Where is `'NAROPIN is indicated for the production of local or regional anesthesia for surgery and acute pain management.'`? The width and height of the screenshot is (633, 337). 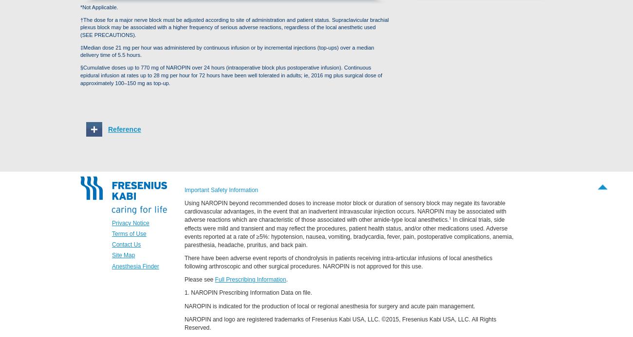
'NAROPIN is indicated for the production of local or regional anesthesia for surgery and acute pain management.' is located at coordinates (329, 305).